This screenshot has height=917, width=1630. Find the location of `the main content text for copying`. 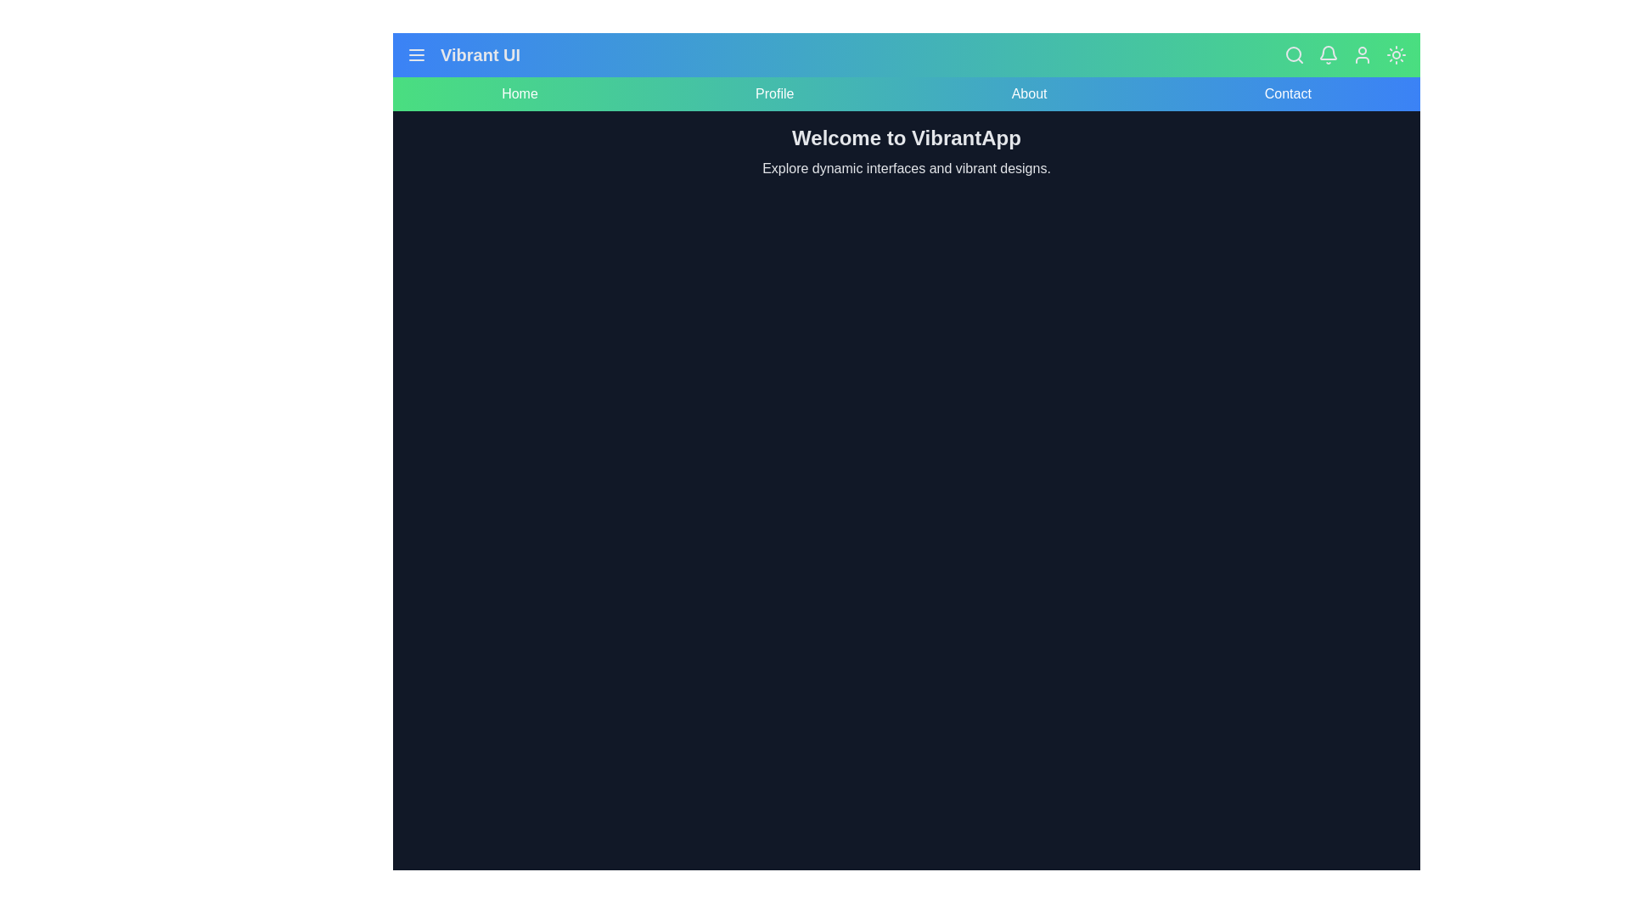

the main content text for copying is located at coordinates (406, 123).